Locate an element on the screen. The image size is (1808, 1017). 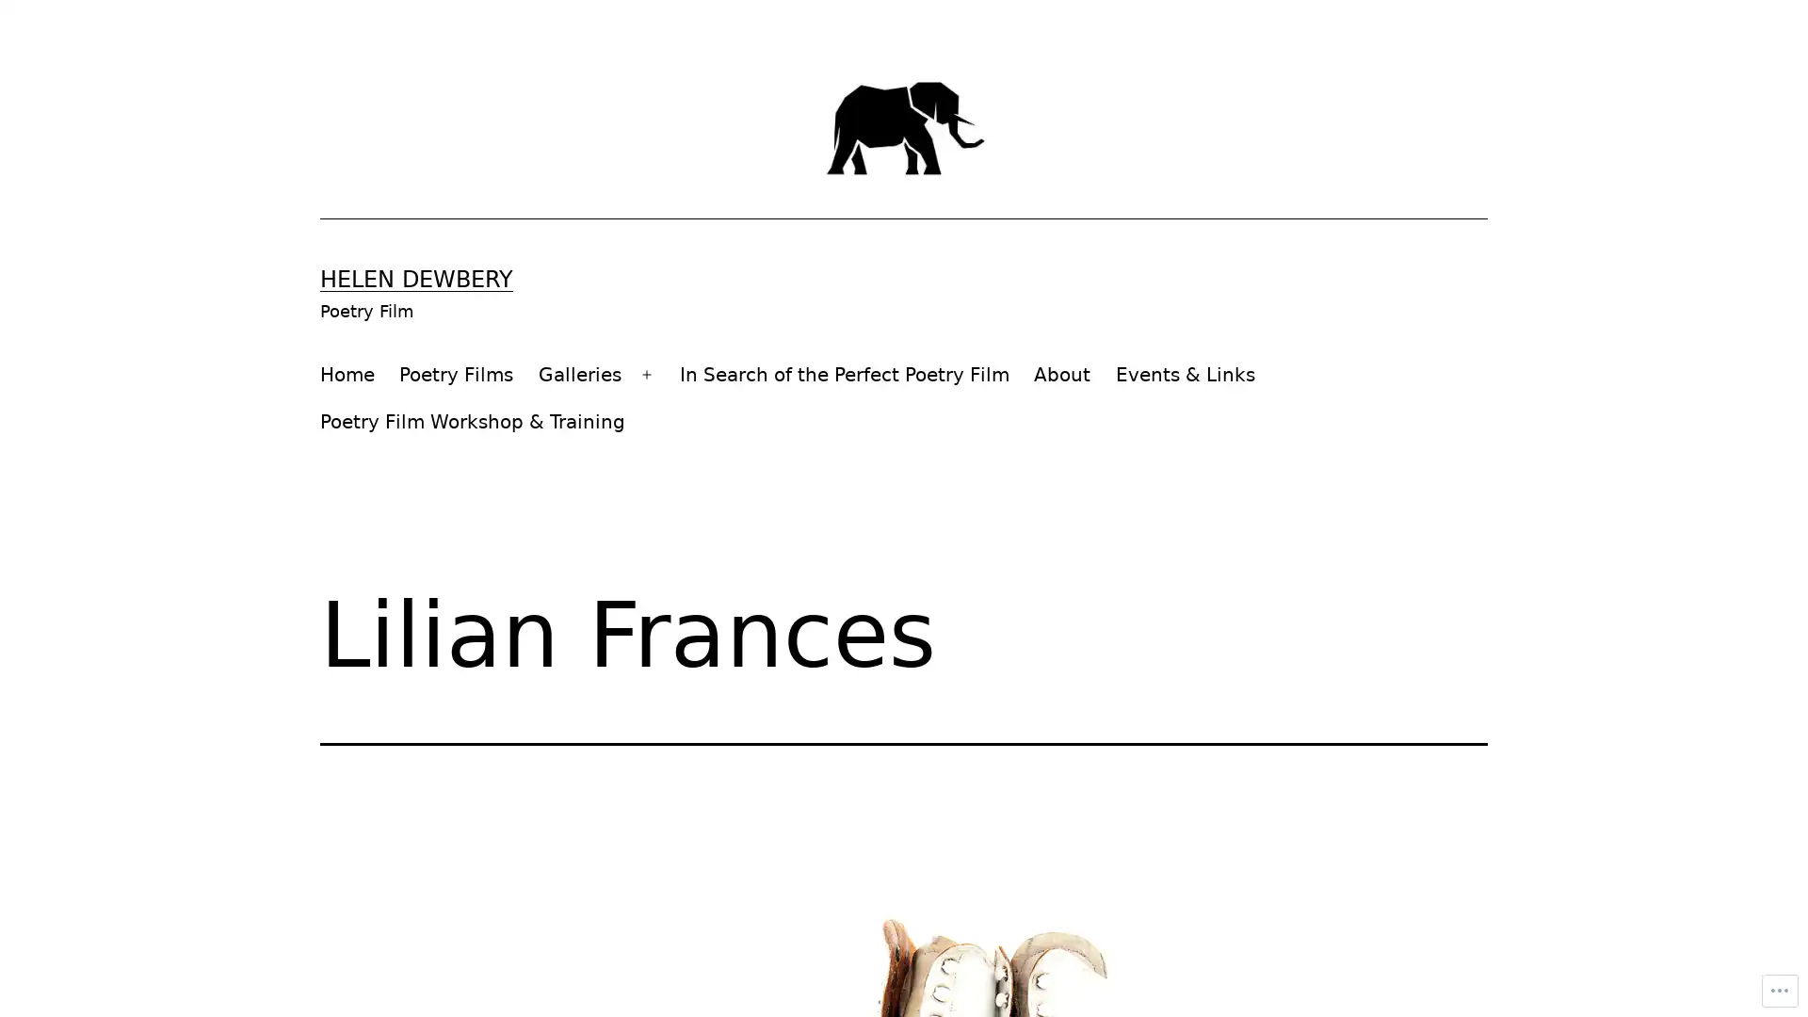
Open menu is located at coordinates (646, 374).